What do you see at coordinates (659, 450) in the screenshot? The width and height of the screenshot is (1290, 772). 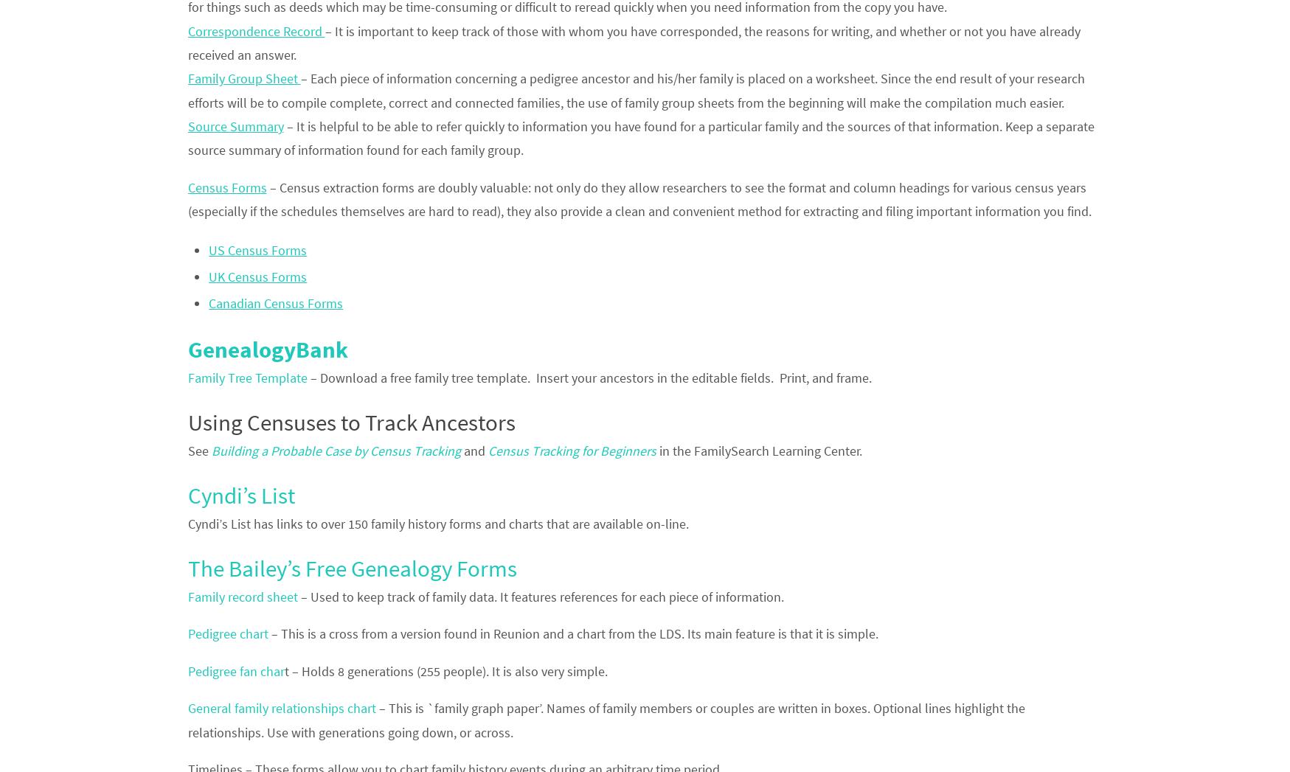 I see `'in the FamilySearch Learning Center.'` at bounding box center [659, 450].